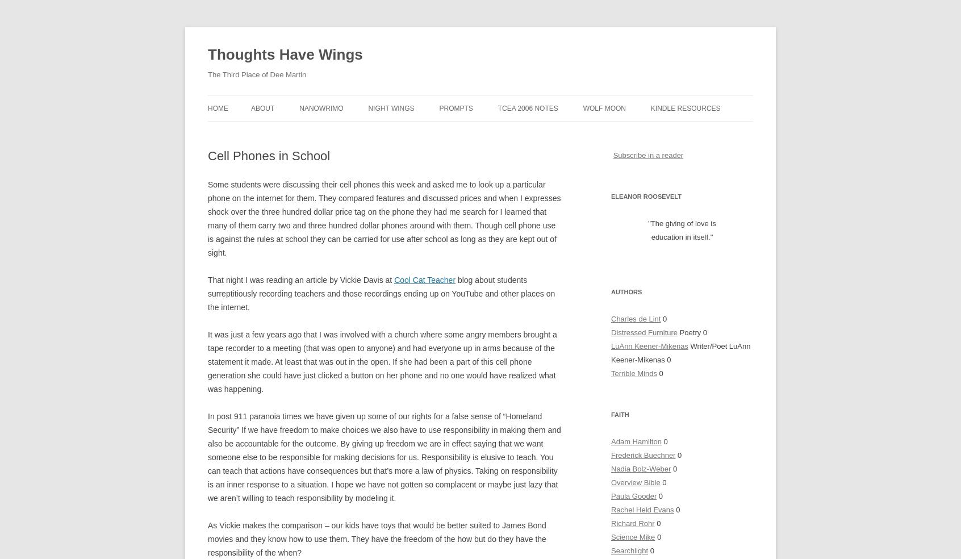 Image resolution: width=961 pixels, height=559 pixels. Describe the element at coordinates (645, 195) in the screenshot. I see `'Eleanor Roosevelt'` at that location.